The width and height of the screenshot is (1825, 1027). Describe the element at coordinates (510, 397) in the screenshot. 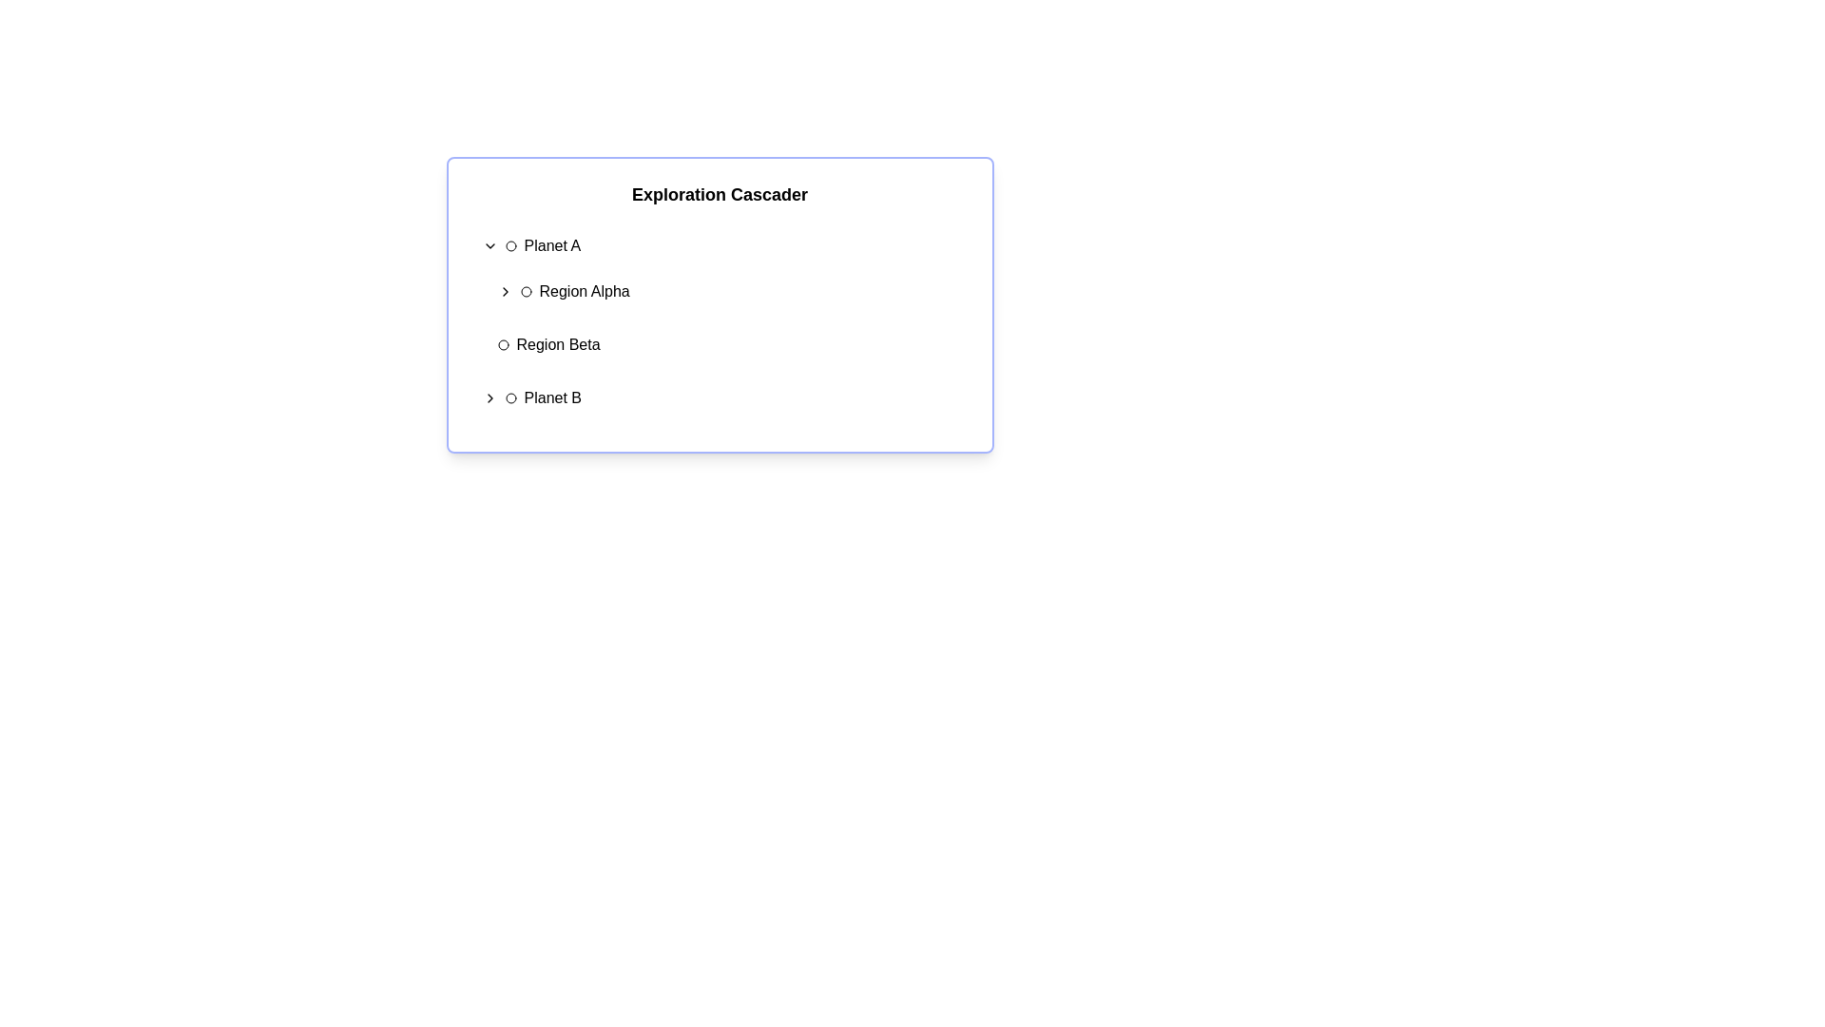

I see `the circle icon outlined in black, associated with the label 'Planet B'` at that location.